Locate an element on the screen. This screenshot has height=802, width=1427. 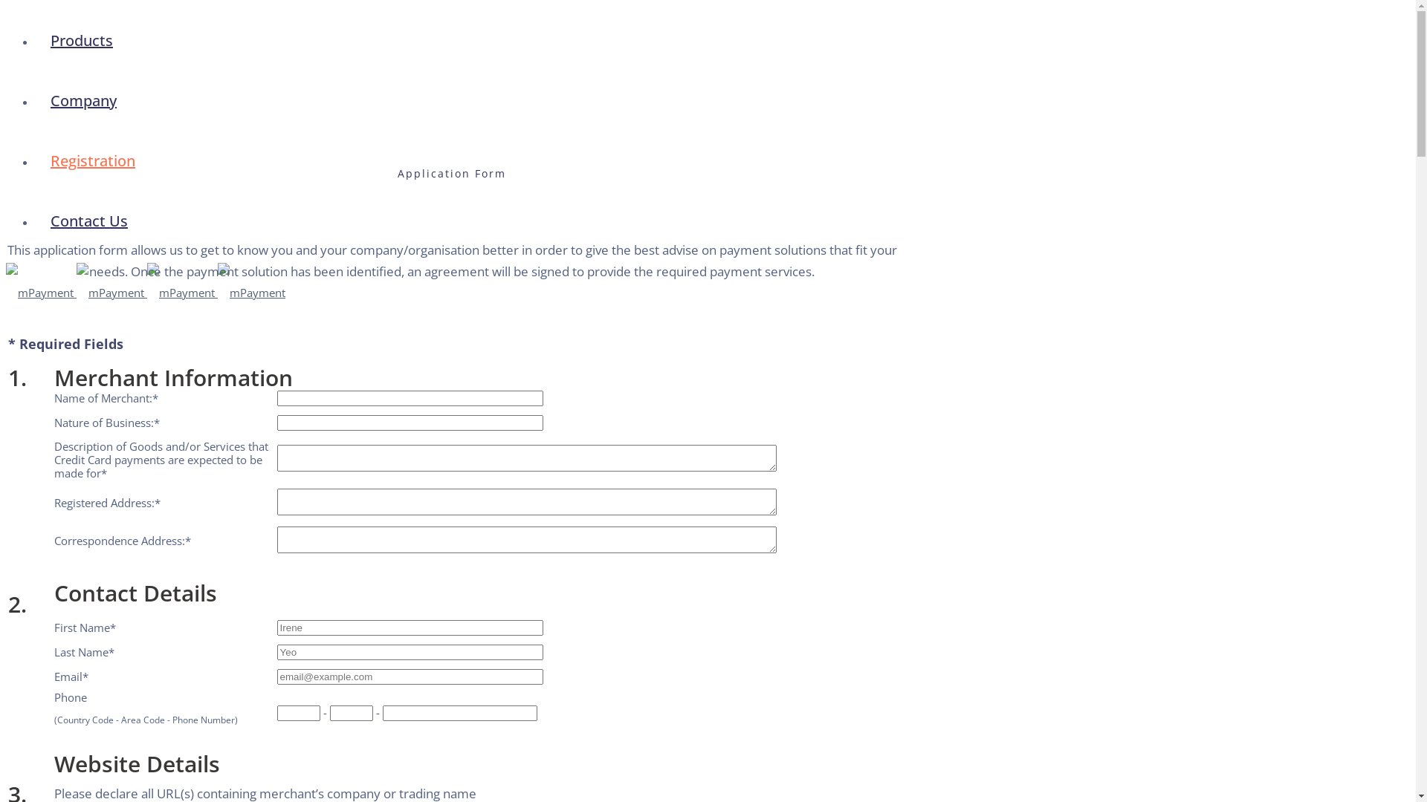
'Products' is located at coordinates (81, 39).